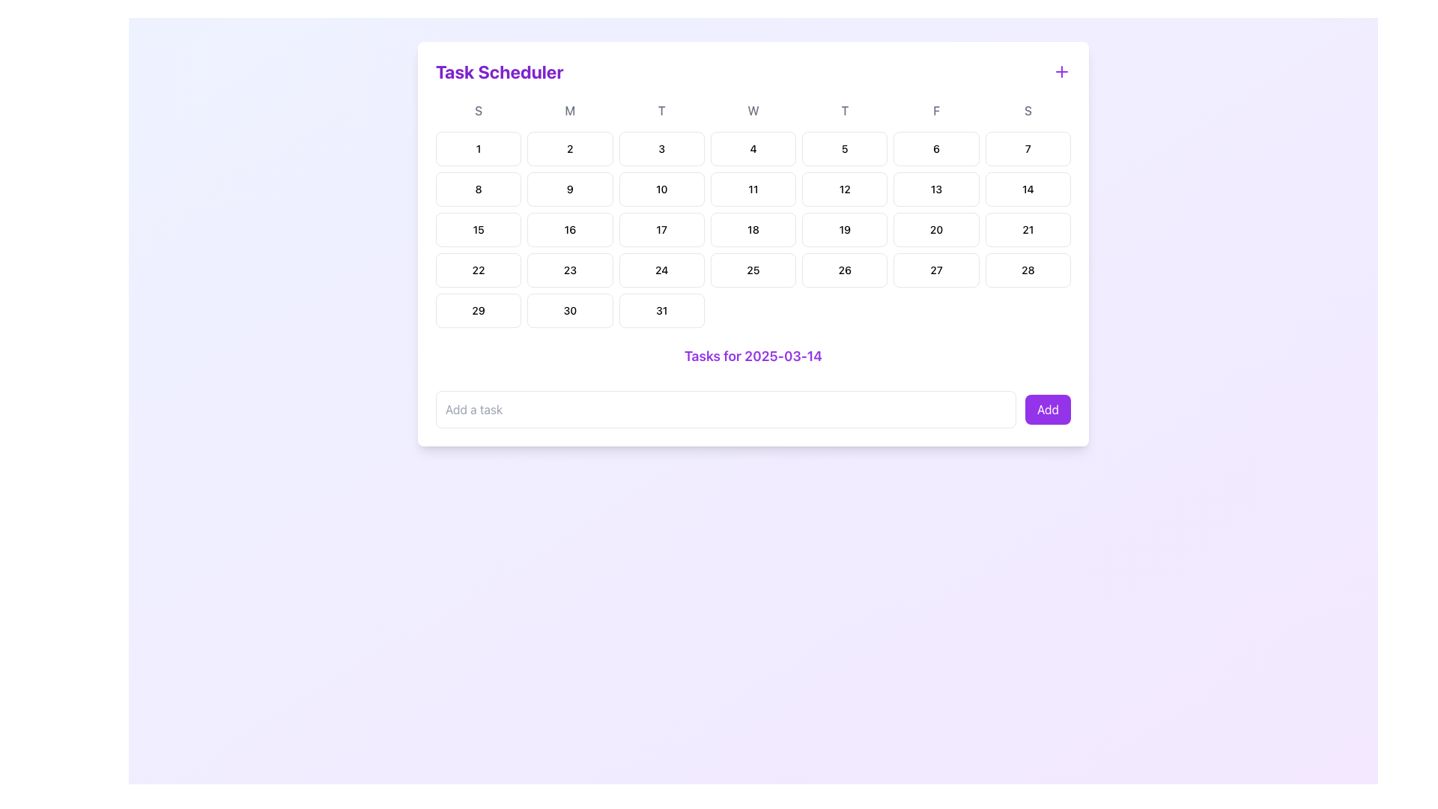 This screenshot has width=1438, height=809. I want to click on the 'Add' button with rounded corners and a purple background located at the bottom-right corner of the task scheduler interface, so click(1047, 410).